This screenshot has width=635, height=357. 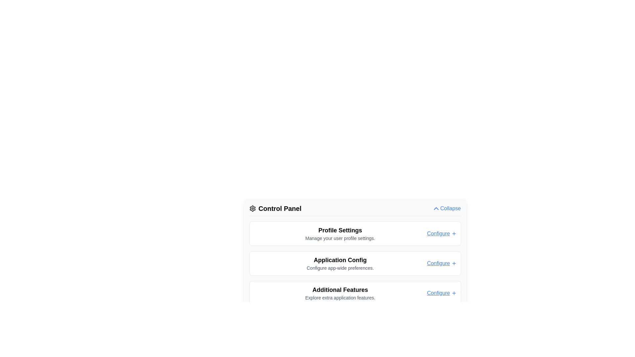 I want to click on the Text Block element that describes a configuration option for application-wide preferences, located in the Control Panel below Profile Settings and above Additional Features, so click(x=340, y=263).